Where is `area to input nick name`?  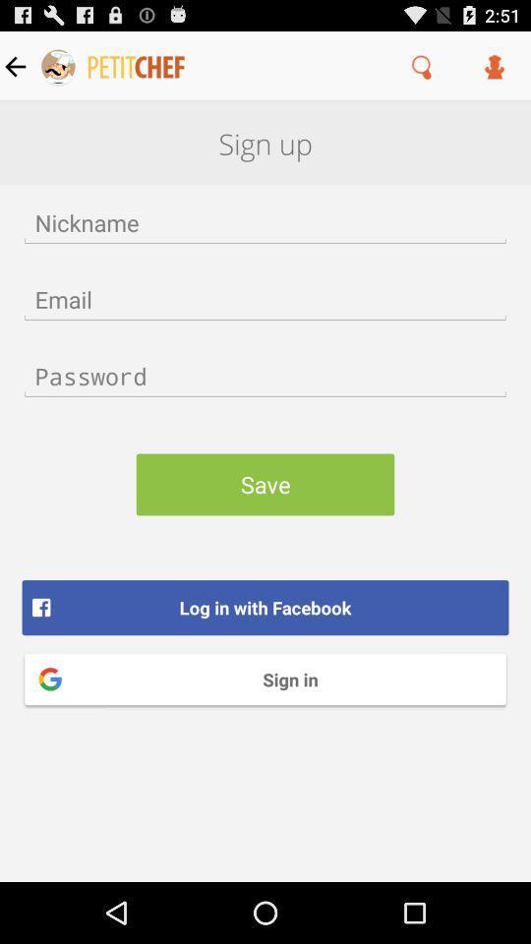
area to input nick name is located at coordinates (265, 222).